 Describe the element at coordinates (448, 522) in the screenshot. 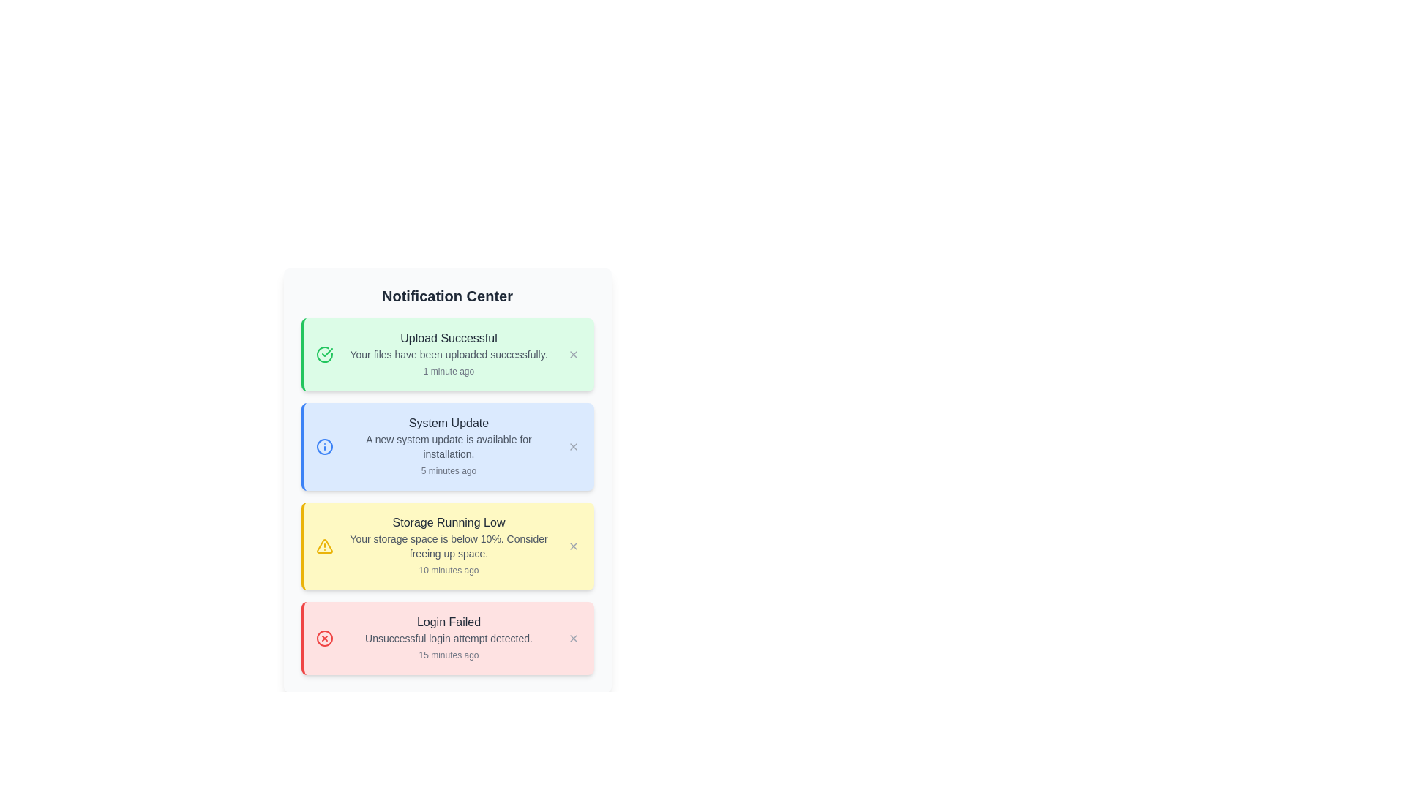

I see `the 'Storage Running Low' text label located in the upper section of the third notification card in the Notification Center interface` at that location.